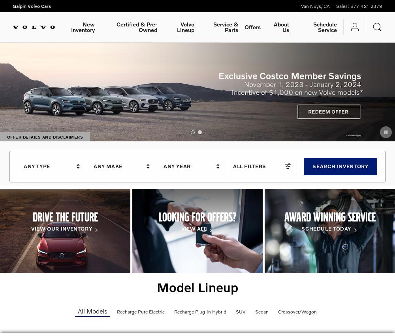 This screenshot has height=336, width=395. What do you see at coordinates (240, 311) in the screenshot?
I see `'SUV'` at bounding box center [240, 311].